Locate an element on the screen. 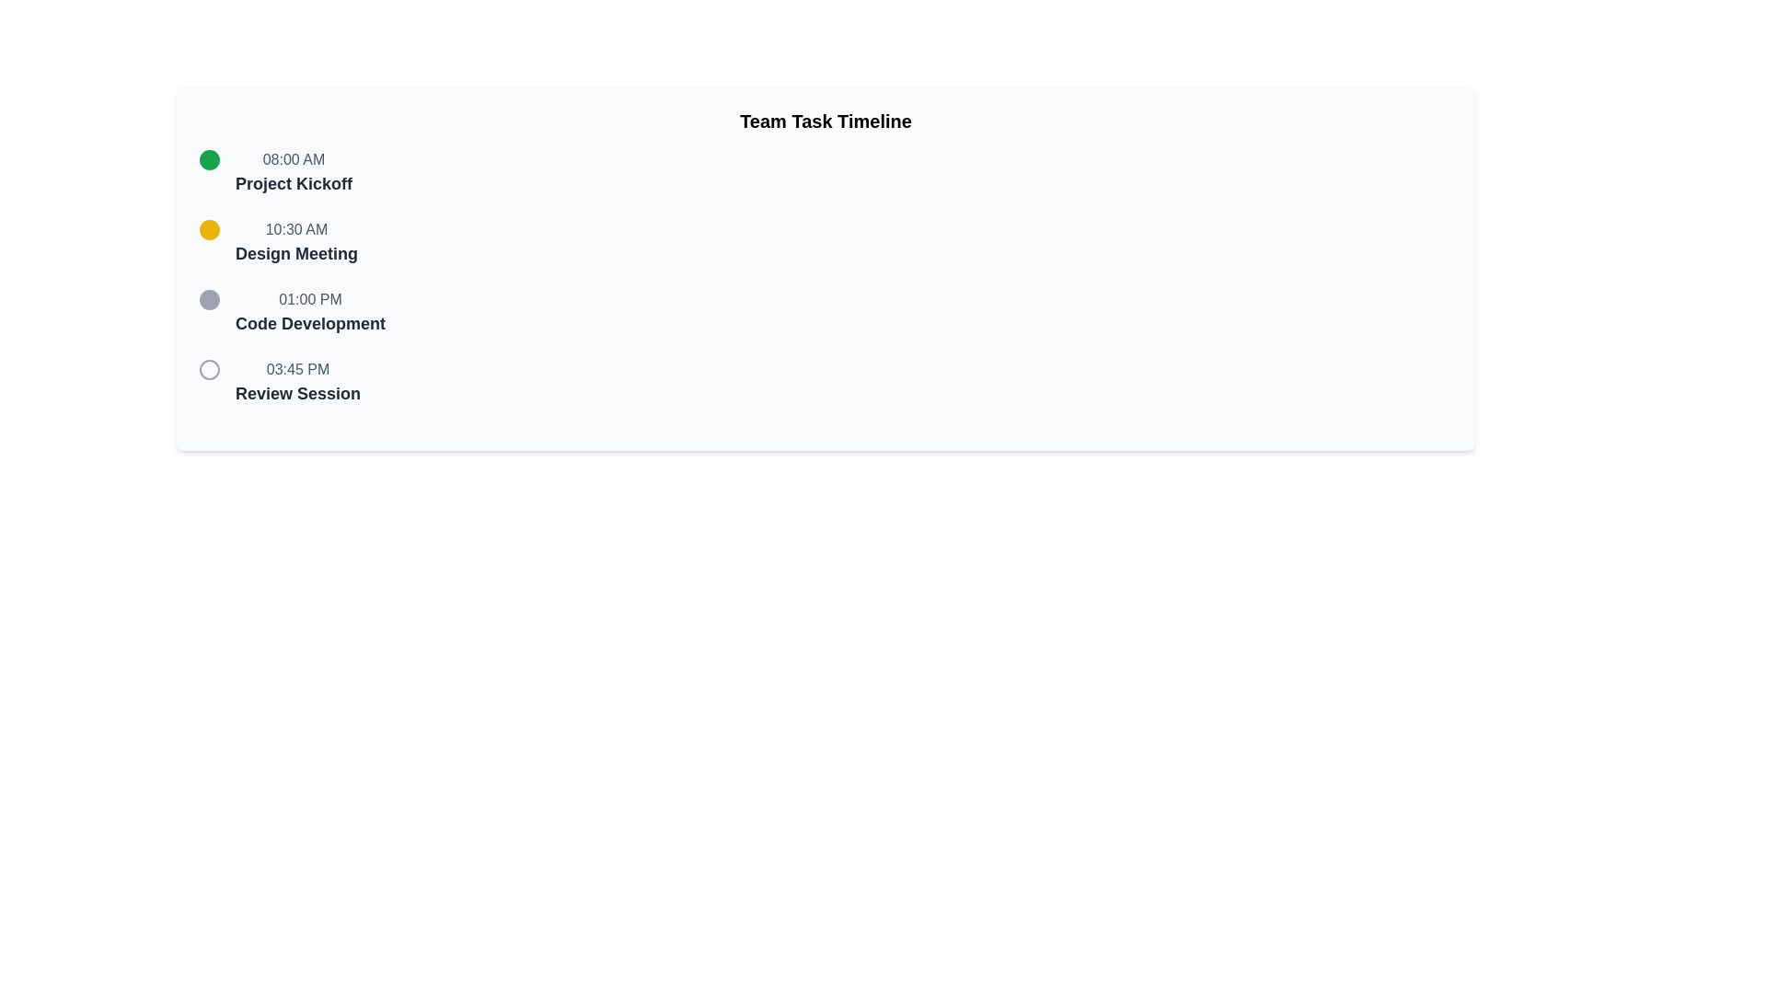 This screenshot has width=1767, height=994. the text label displaying '01:00 PM', which is a medium-sized, gray font, positioned above 'Code Development' in the timeline interface is located at coordinates (310, 299).